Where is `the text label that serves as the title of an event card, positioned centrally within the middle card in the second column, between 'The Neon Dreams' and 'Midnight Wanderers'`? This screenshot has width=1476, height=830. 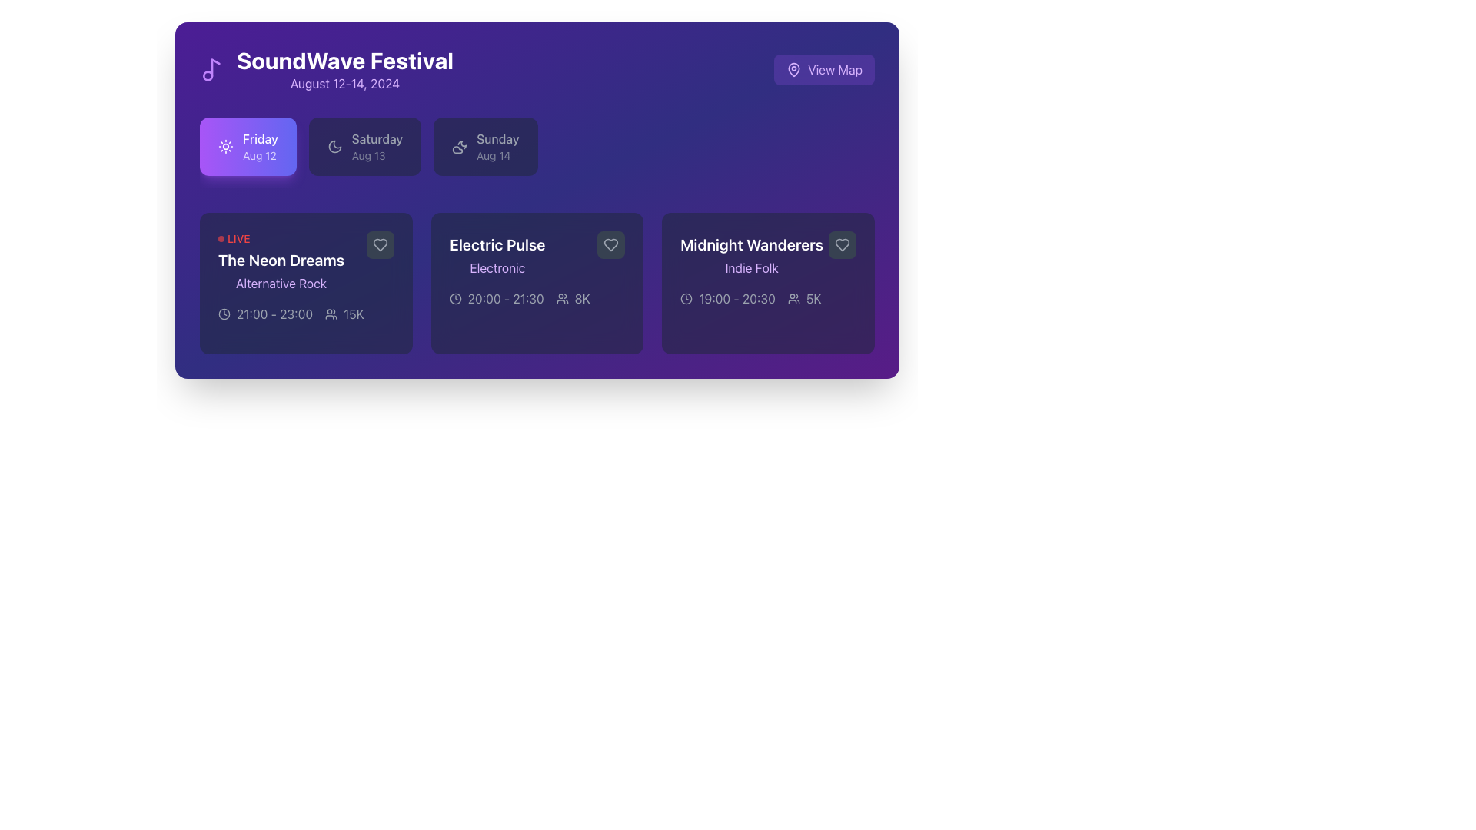
the text label that serves as the title of an event card, positioned centrally within the middle card in the second column, between 'The Neon Dreams' and 'Midnight Wanderers' is located at coordinates (497, 244).